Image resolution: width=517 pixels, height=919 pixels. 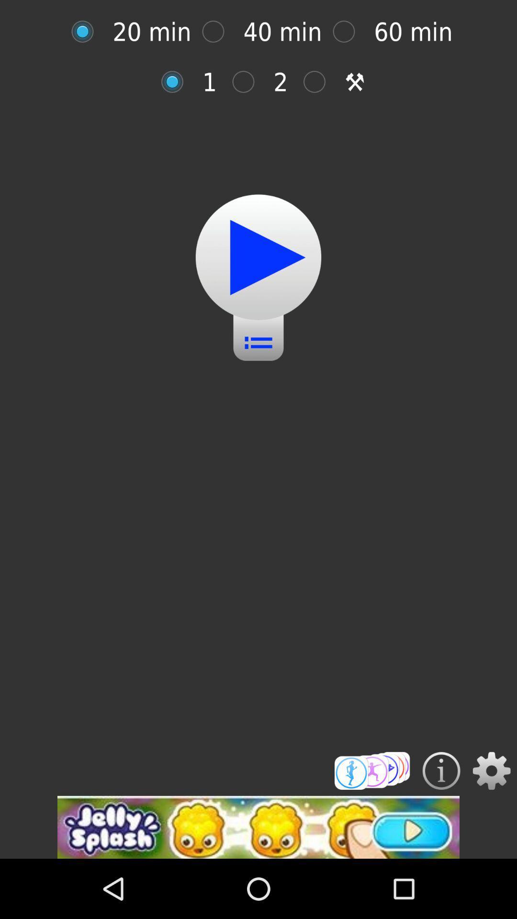 I want to click on option, so click(x=349, y=32).